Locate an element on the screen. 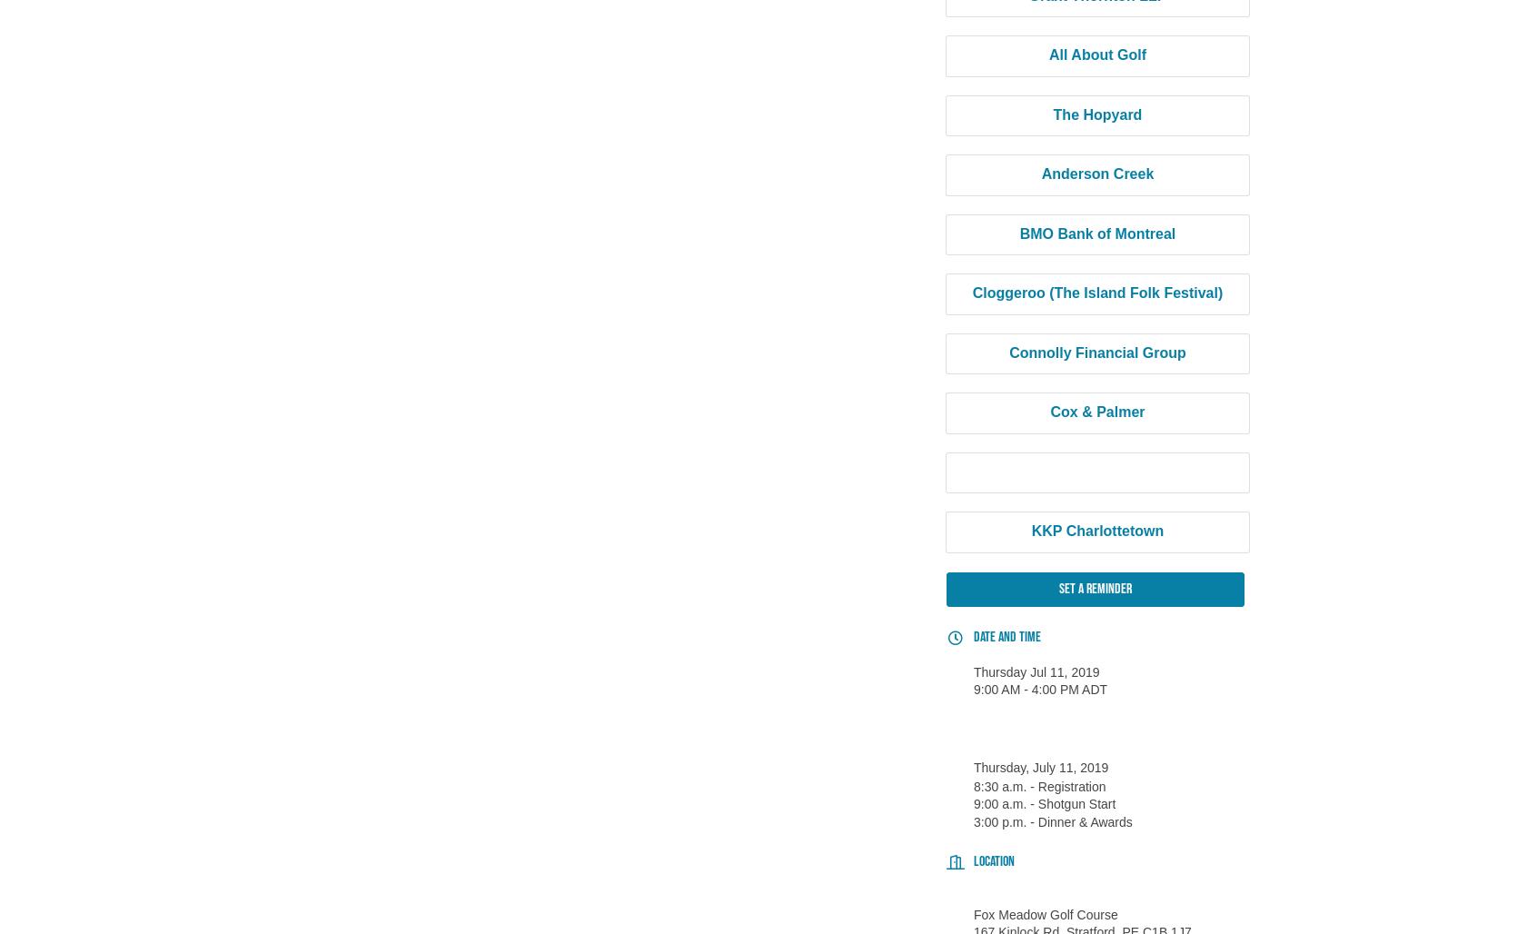 The height and width of the screenshot is (934, 1537). 'The Hopyard' is located at coordinates (1096, 113).